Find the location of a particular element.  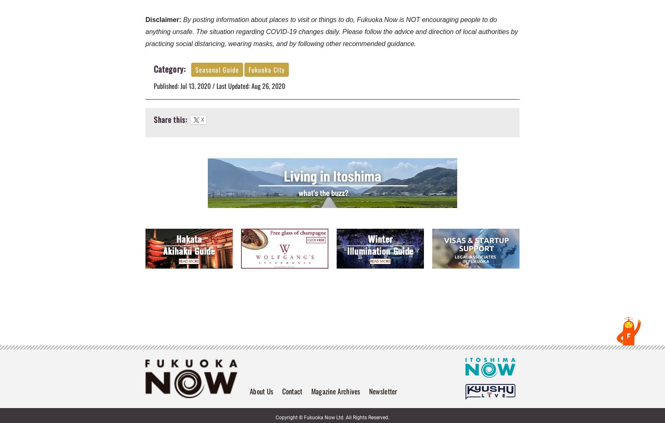

'Published: Jul 13, 2020 / Last Updated: Aug 26, 2020' is located at coordinates (219, 85).